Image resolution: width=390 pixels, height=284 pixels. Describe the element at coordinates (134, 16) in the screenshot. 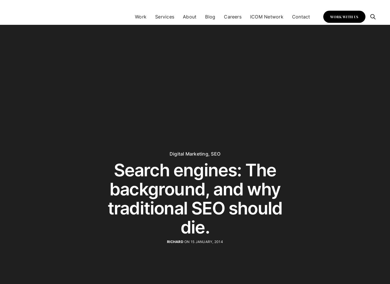

I see `'Work'` at that location.